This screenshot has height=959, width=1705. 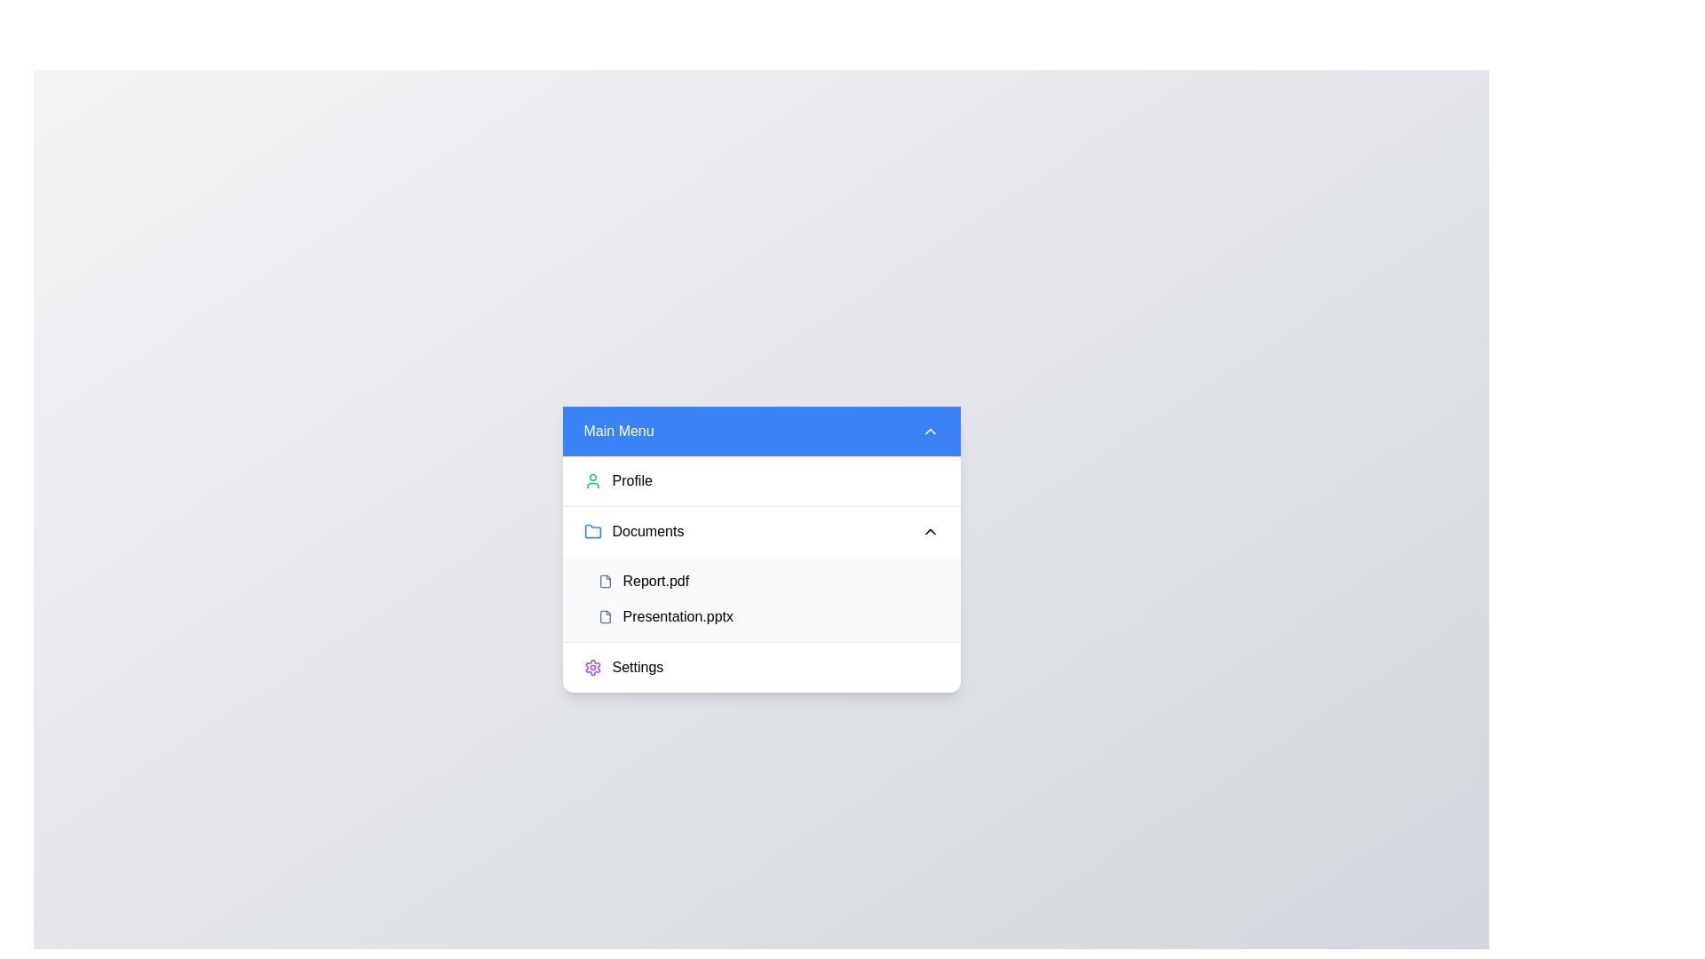 What do you see at coordinates (592, 668) in the screenshot?
I see `the 'Settings' icon, which is the leftmost component in the 'Settings' row of the menu located in the lower section of the interface` at bounding box center [592, 668].